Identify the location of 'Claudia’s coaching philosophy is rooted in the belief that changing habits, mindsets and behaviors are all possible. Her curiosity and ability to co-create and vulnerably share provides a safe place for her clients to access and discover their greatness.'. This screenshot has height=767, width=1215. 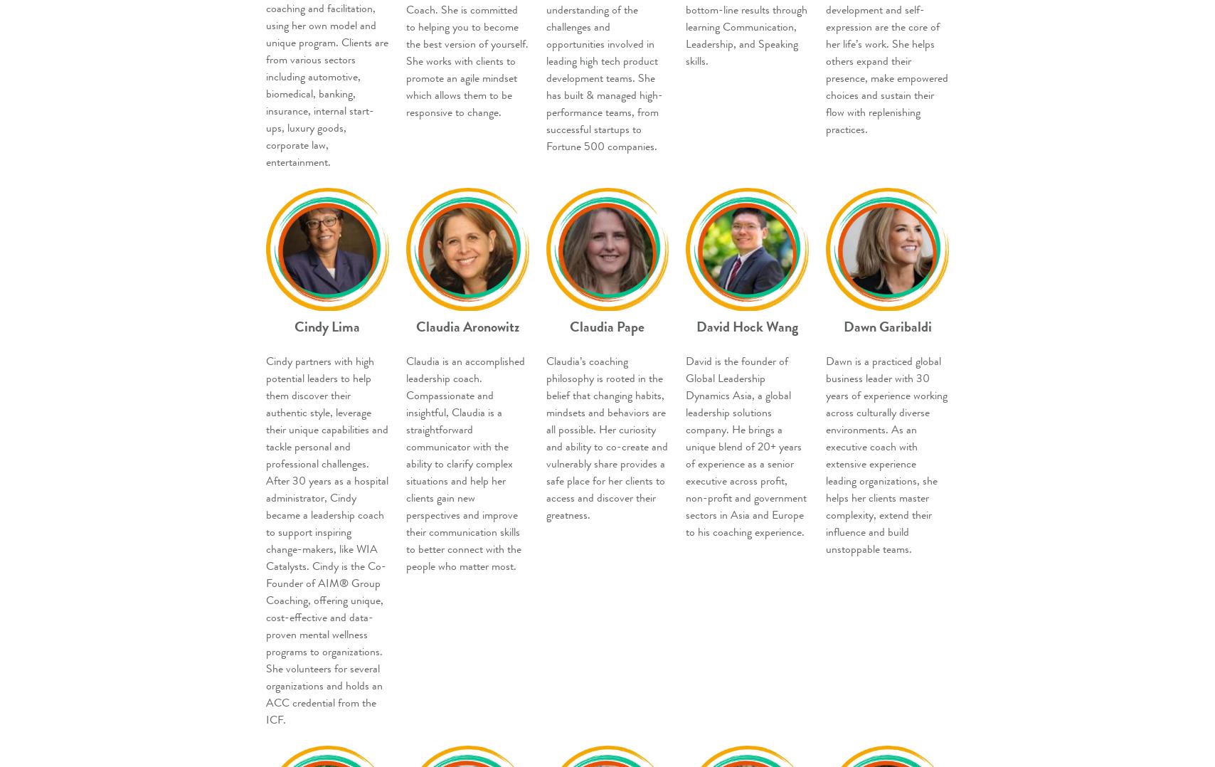
(606, 437).